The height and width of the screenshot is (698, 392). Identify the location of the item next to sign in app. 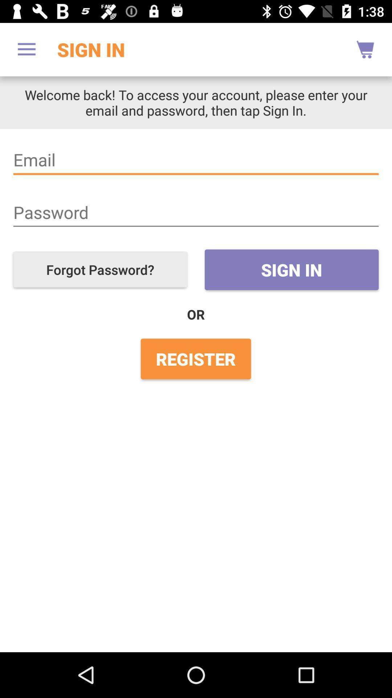
(365, 49).